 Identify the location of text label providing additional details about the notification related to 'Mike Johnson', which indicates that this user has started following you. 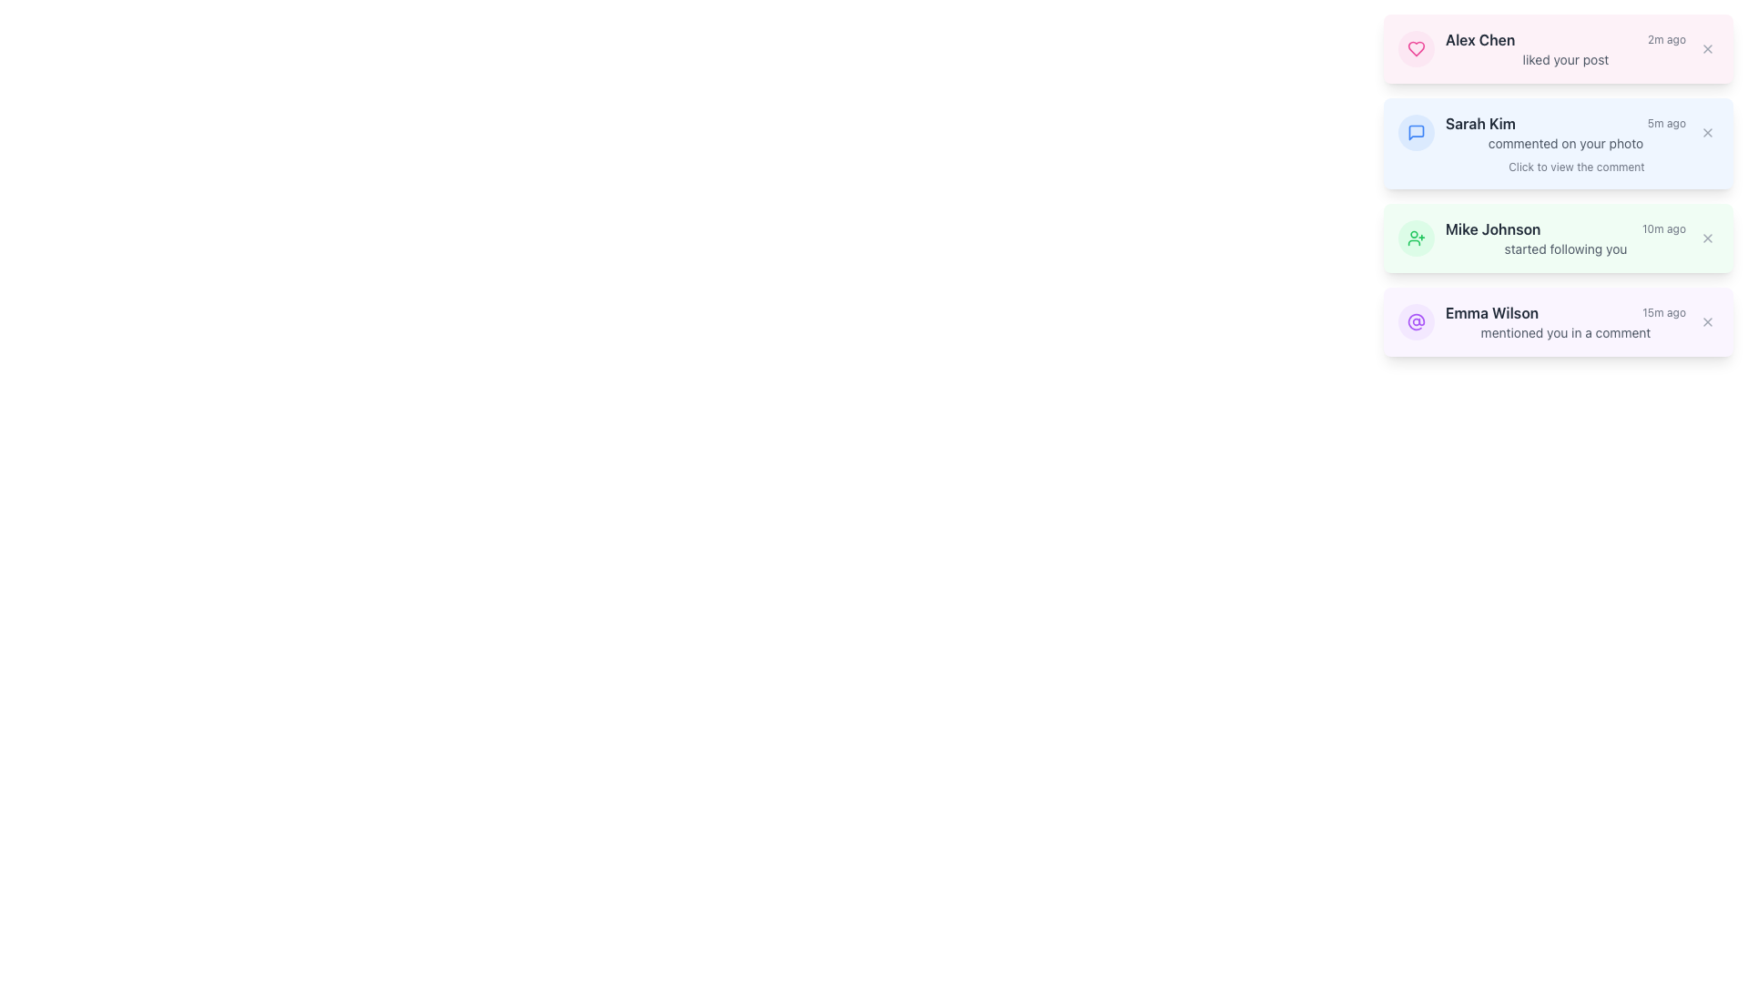
(1564, 248).